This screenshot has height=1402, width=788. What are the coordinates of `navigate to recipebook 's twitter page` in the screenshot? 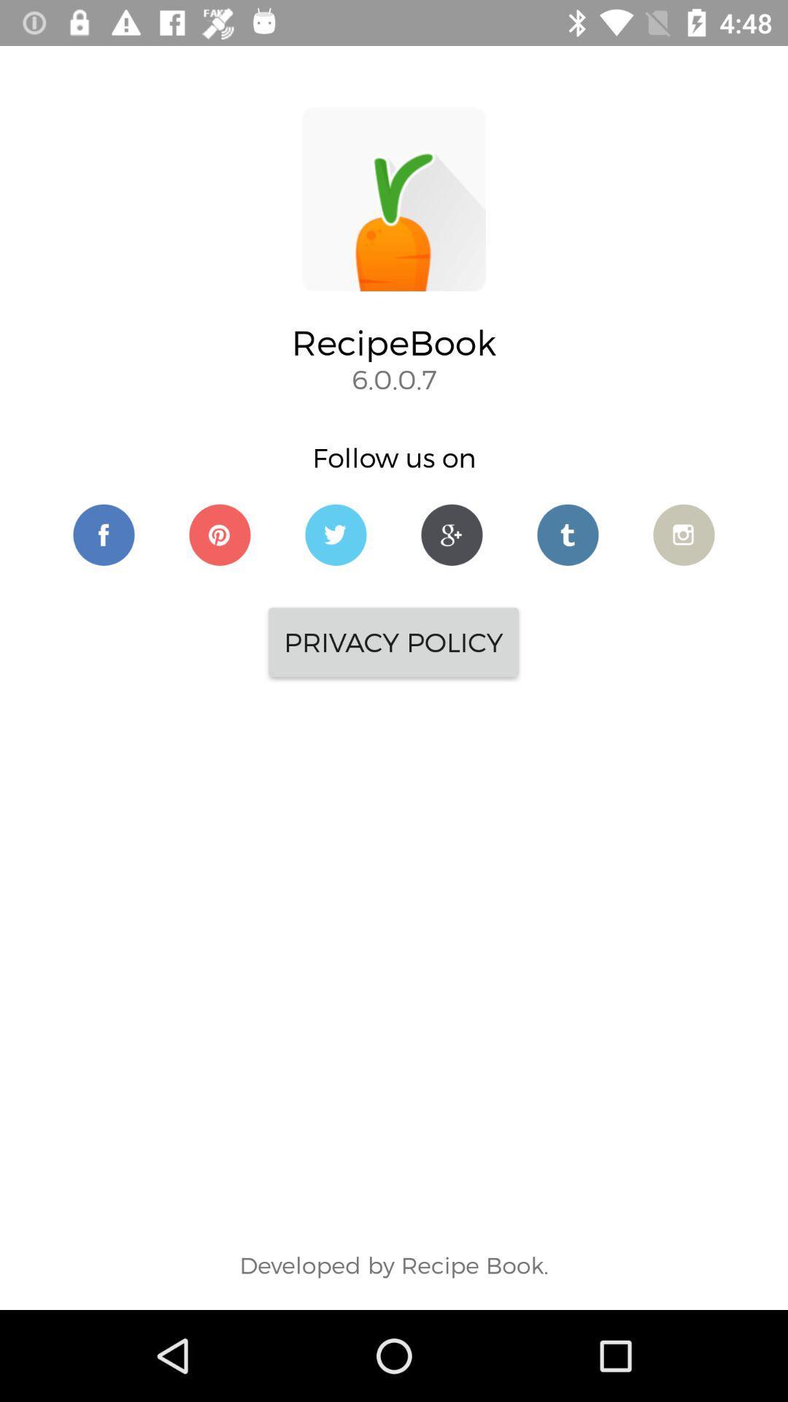 It's located at (336, 534).